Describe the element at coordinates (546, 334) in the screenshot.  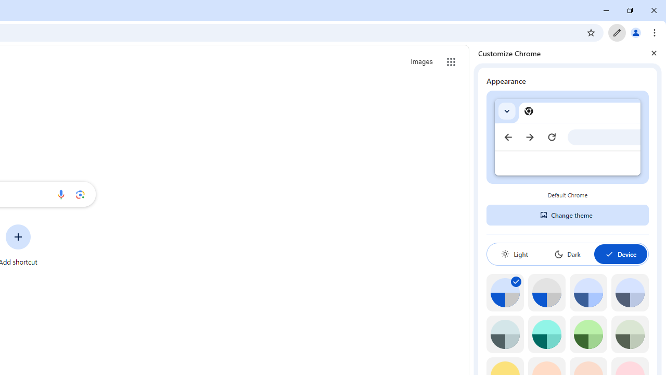
I see `'Aqua'` at that location.